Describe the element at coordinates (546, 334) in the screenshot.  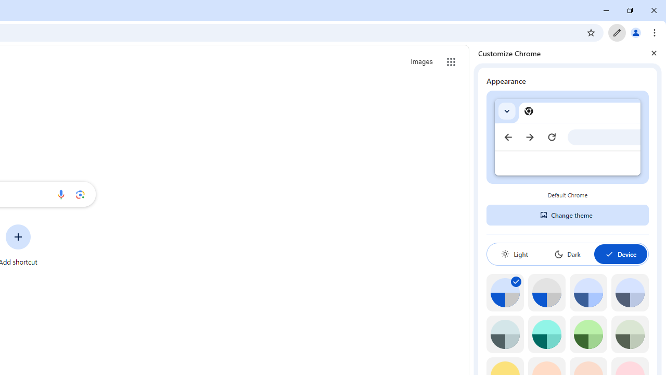
I see `'Aqua'` at that location.